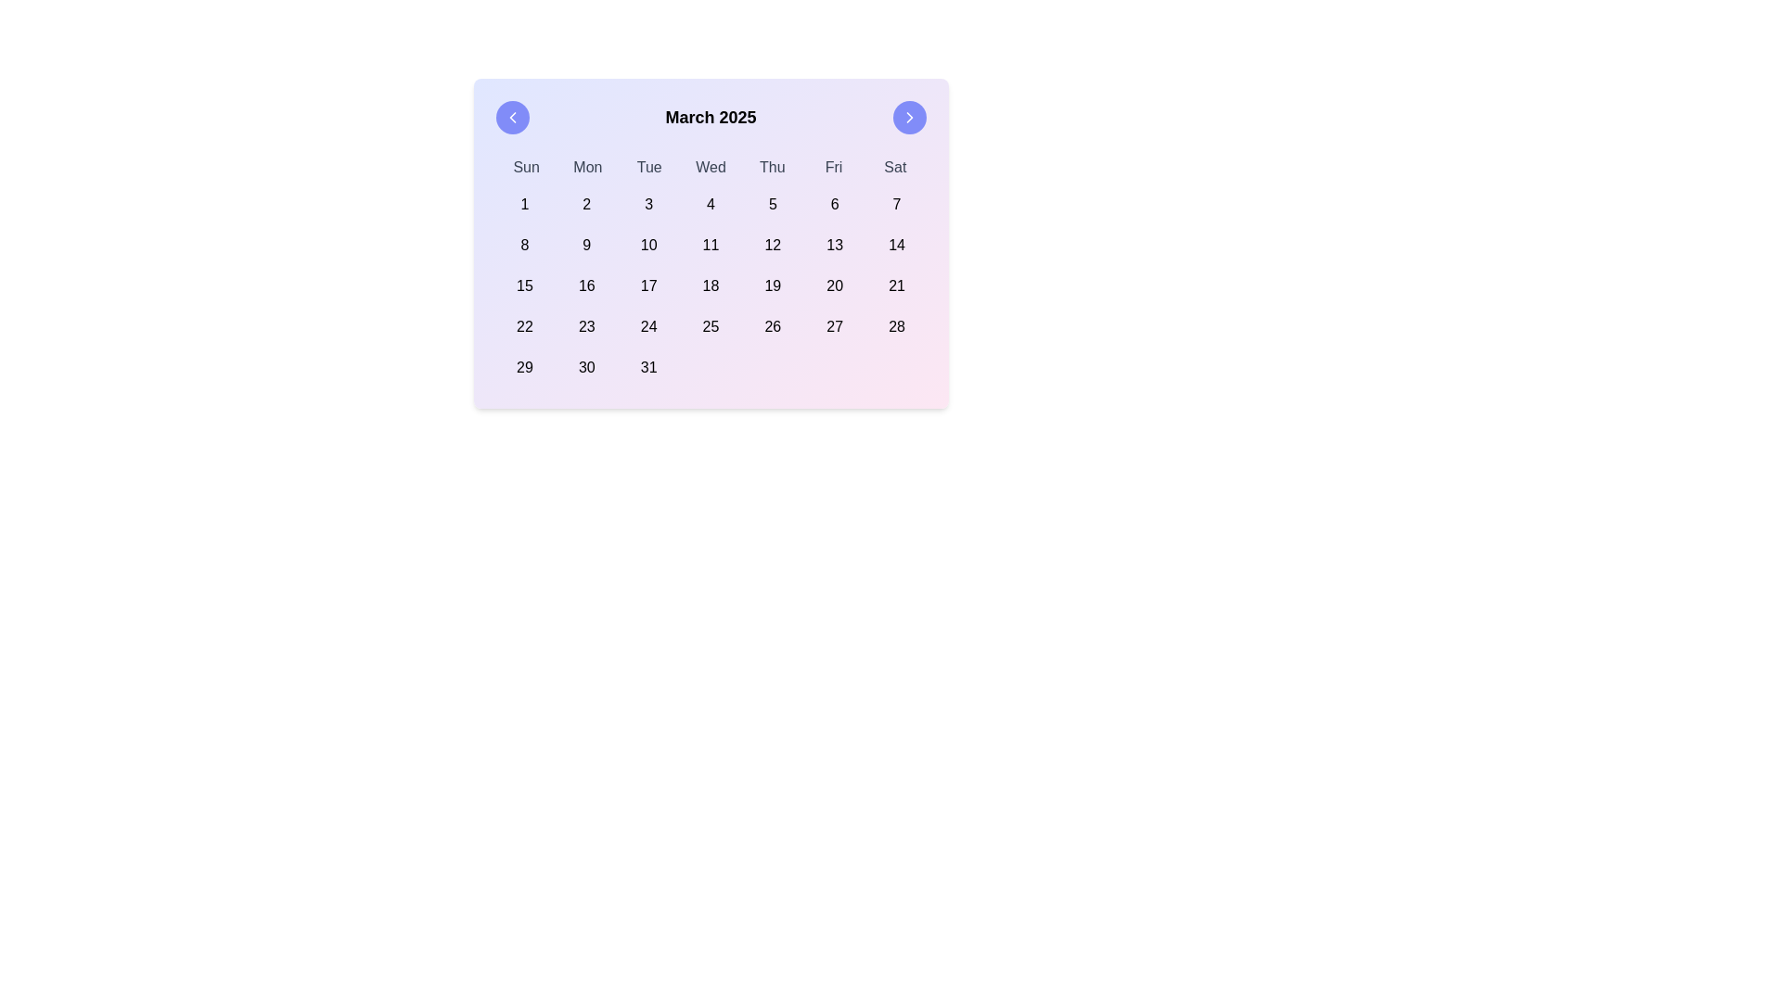 The height and width of the screenshot is (1001, 1781). What do you see at coordinates (834, 204) in the screenshot?
I see `the button displaying the number '6' in the calendar grid` at bounding box center [834, 204].